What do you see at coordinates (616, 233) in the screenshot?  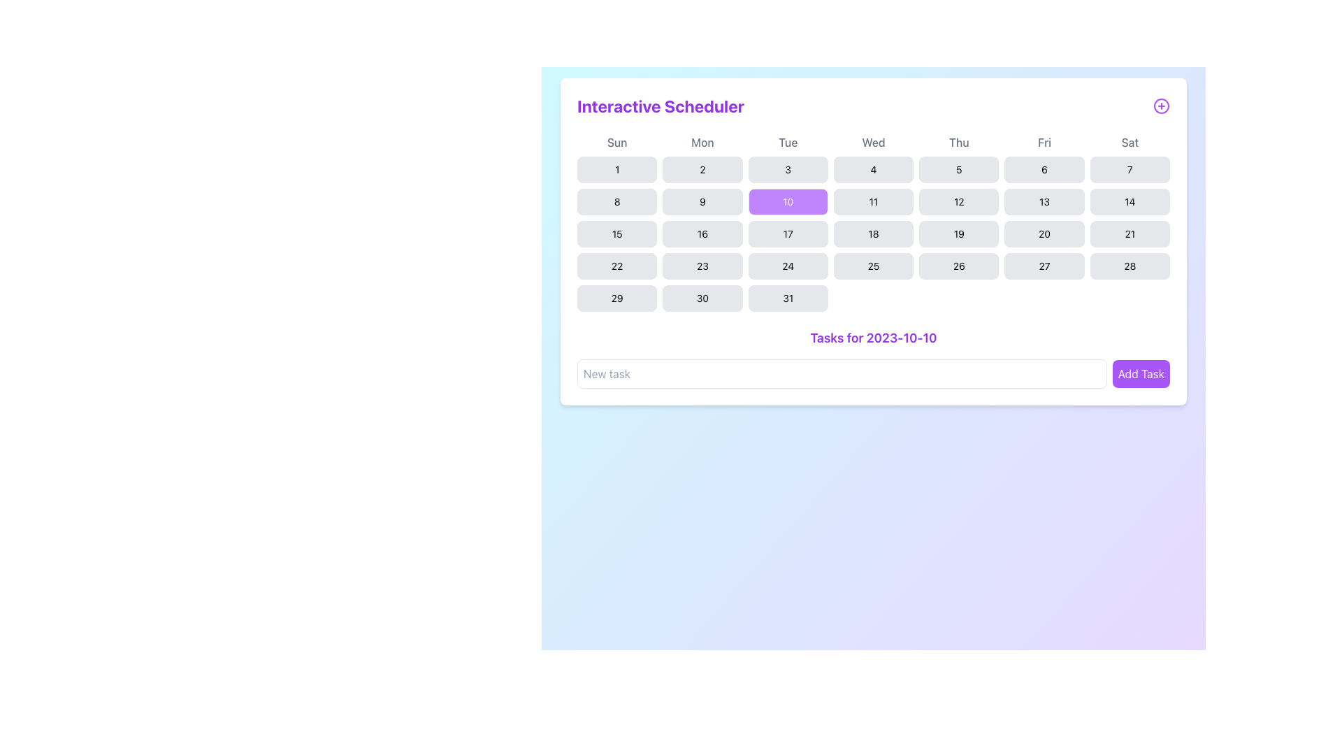 I see `the rectangular button with rounded corners displaying the number '15'` at bounding box center [616, 233].